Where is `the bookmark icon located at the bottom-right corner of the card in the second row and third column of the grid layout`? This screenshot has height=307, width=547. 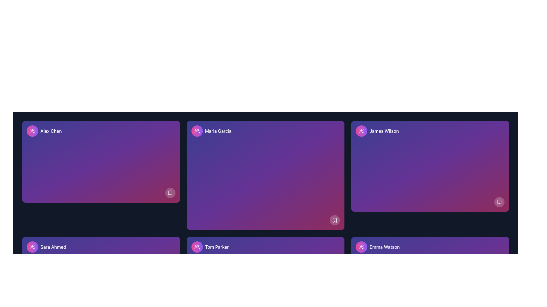
the bookmark icon located at the bottom-right corner of the card in the second row and third column of the grid layout is located at coordinates (499, 202).